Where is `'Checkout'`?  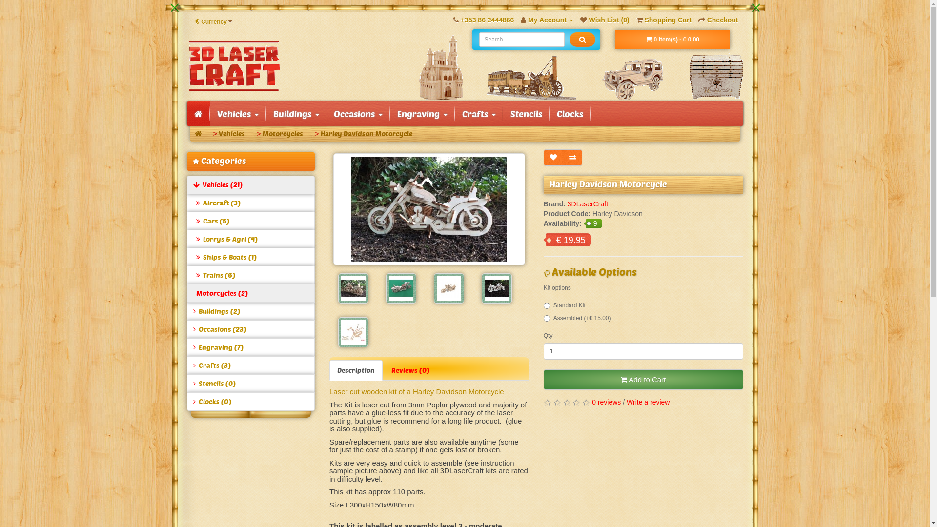
'Checkout' is located at coordinates (718, 20).